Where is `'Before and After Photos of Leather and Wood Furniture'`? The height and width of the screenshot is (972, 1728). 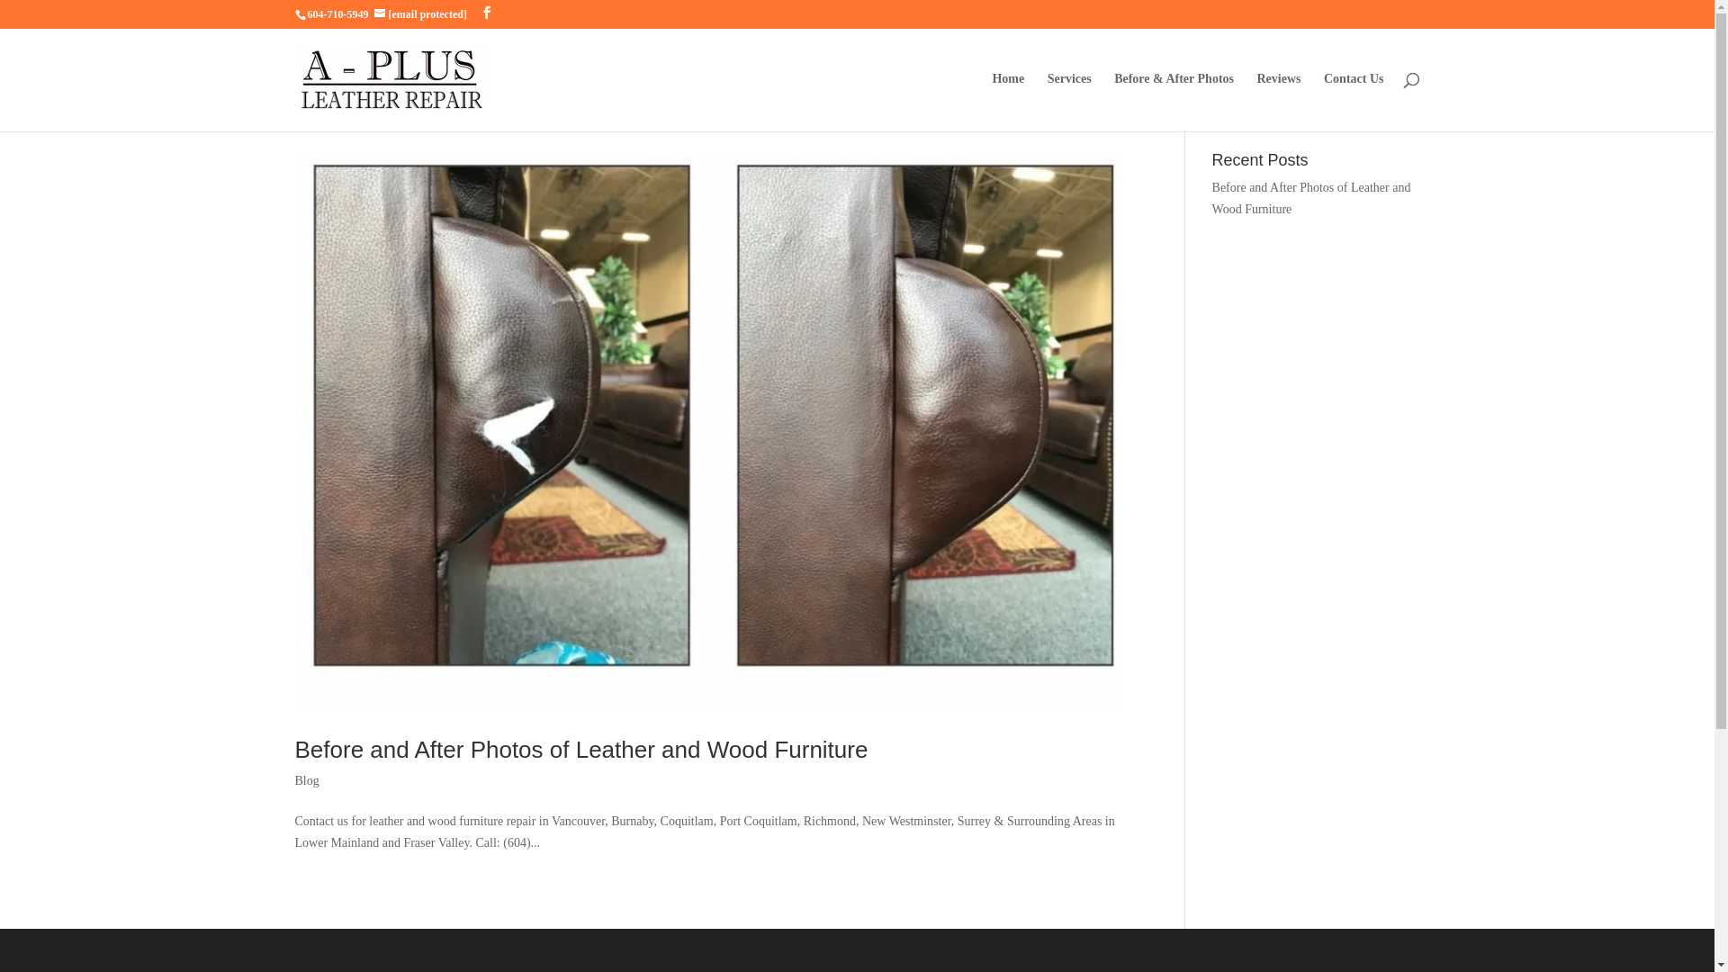
'Before and After Photos of Leather and Wood Furniture' is located at coordinates (1311, 198).